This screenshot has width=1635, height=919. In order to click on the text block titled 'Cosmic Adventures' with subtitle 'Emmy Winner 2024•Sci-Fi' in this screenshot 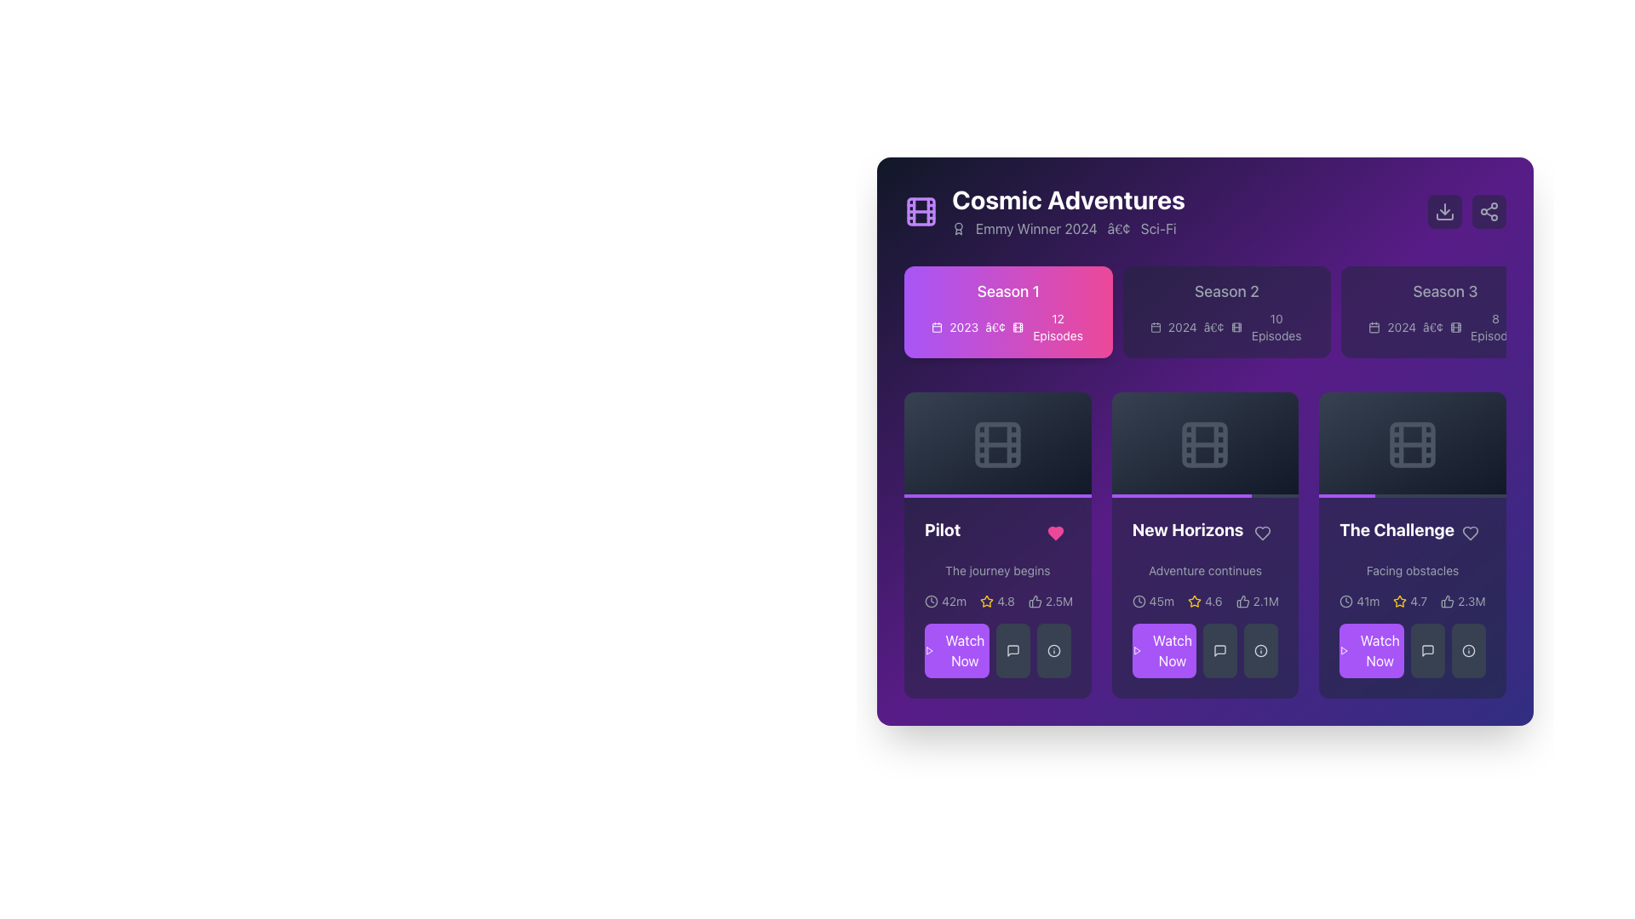, I will do `click(1067, 211)`.